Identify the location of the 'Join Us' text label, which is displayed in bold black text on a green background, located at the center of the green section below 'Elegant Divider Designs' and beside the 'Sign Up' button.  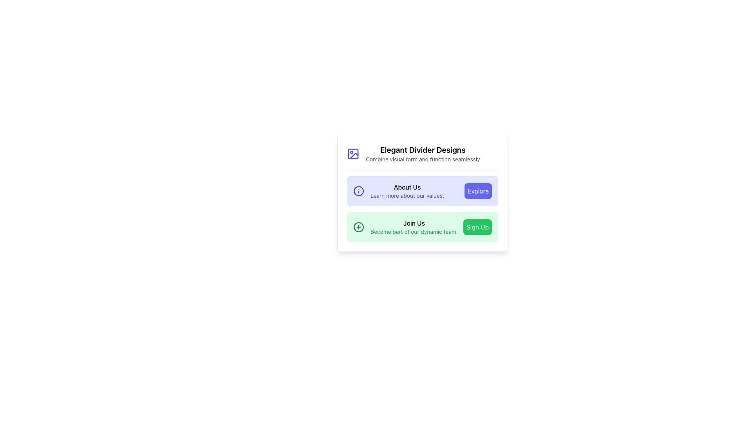
(414, 223).